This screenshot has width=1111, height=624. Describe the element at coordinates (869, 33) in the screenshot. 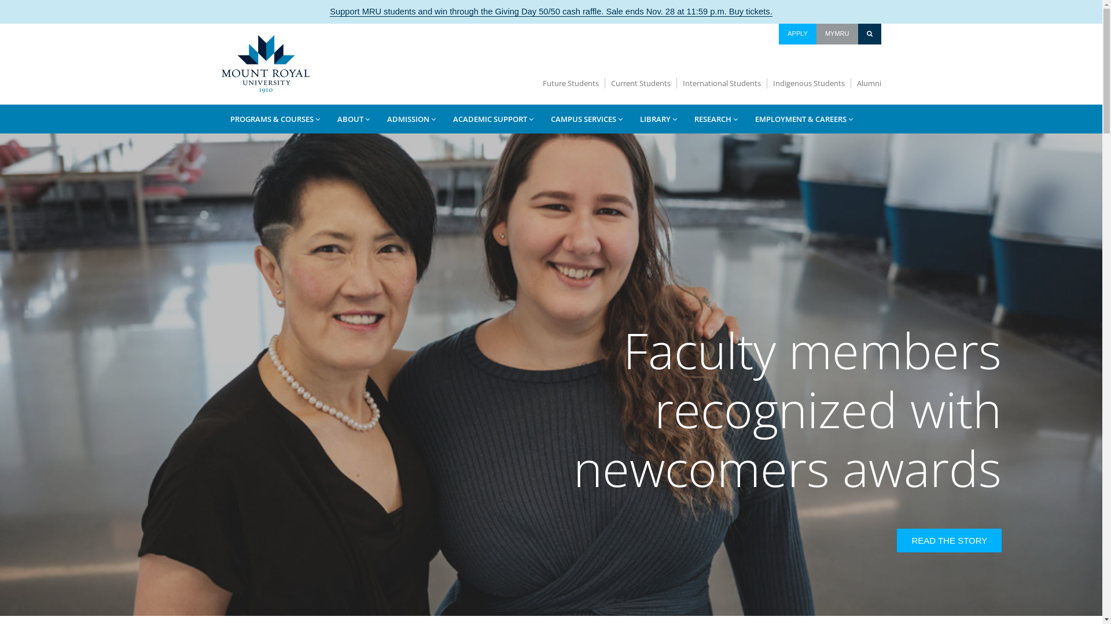

I see `'Open search'` at that location.